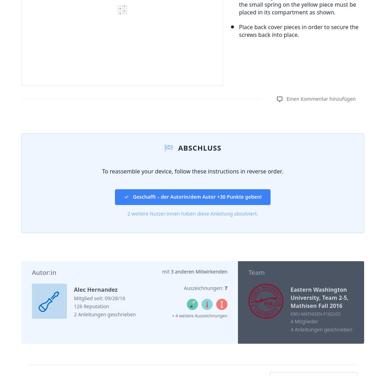  I want to click on 'Team', so click(256, 272).